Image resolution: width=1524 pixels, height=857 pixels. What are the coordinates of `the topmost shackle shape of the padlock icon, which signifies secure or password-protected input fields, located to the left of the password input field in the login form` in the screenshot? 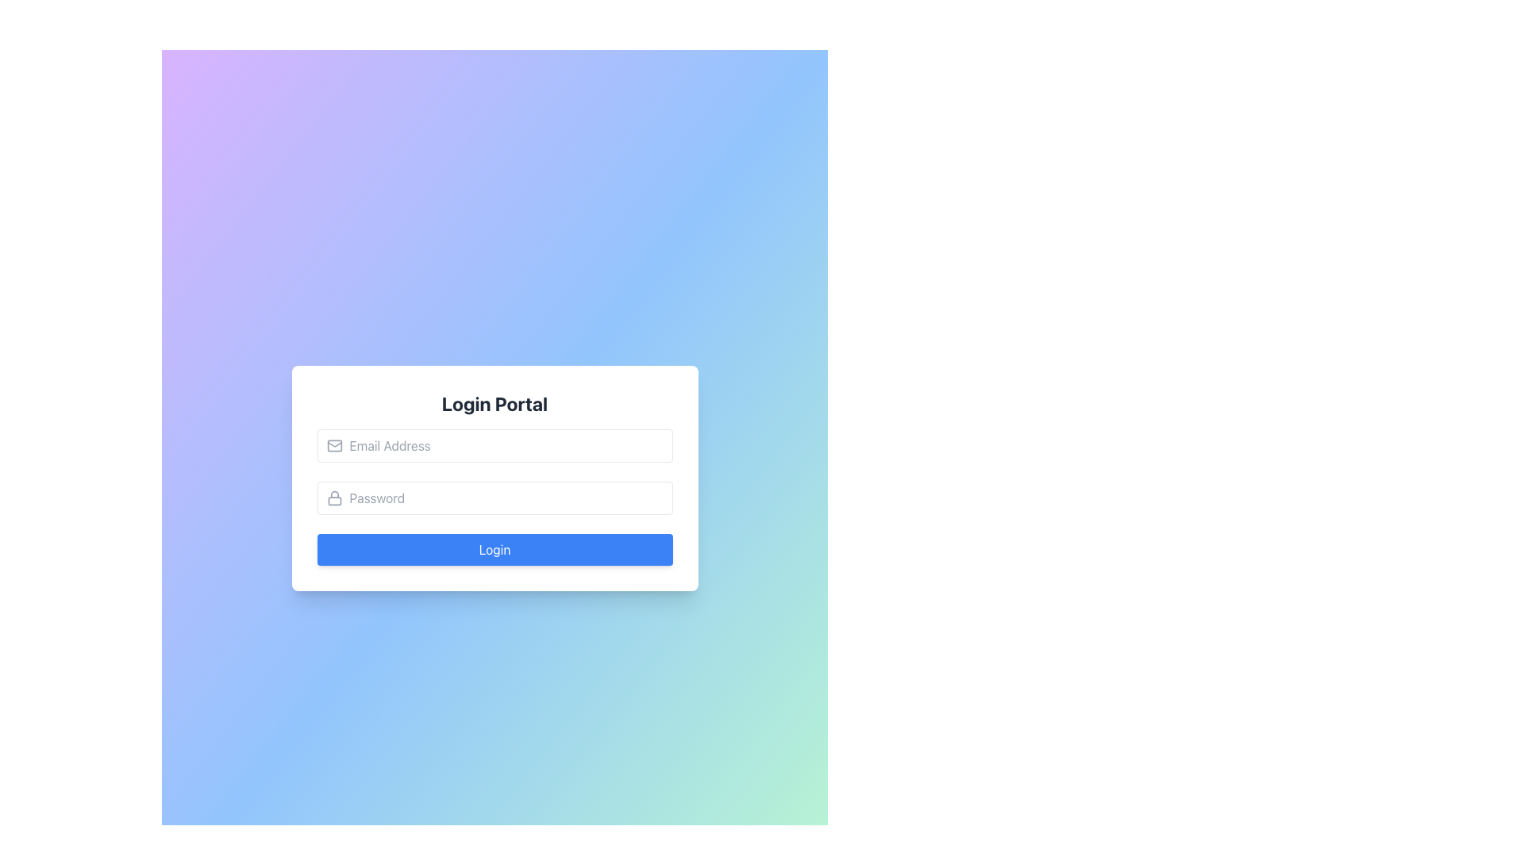 It's located at (333, 501).